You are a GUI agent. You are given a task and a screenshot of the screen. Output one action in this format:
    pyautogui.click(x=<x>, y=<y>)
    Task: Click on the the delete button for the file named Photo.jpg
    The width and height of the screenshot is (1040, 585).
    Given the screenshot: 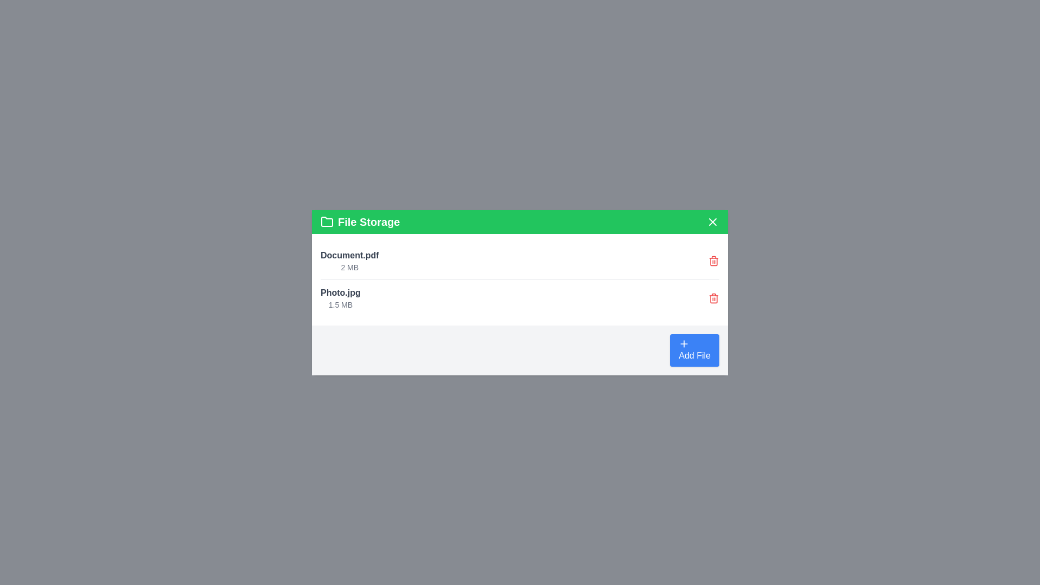 What is the action you would take?
    pyautogui.click(x=714, y=298)
    